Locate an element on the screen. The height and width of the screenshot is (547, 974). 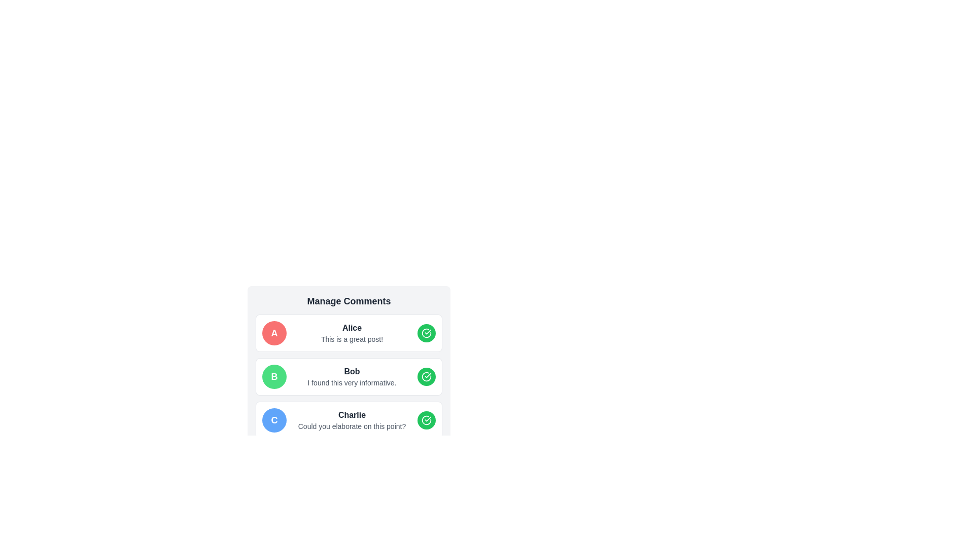
details presented in the card component that contains the name 'Bob', the comment 'I found this very informative', and a green circular button with a checkmark icon is located at coordinates (349, 377).